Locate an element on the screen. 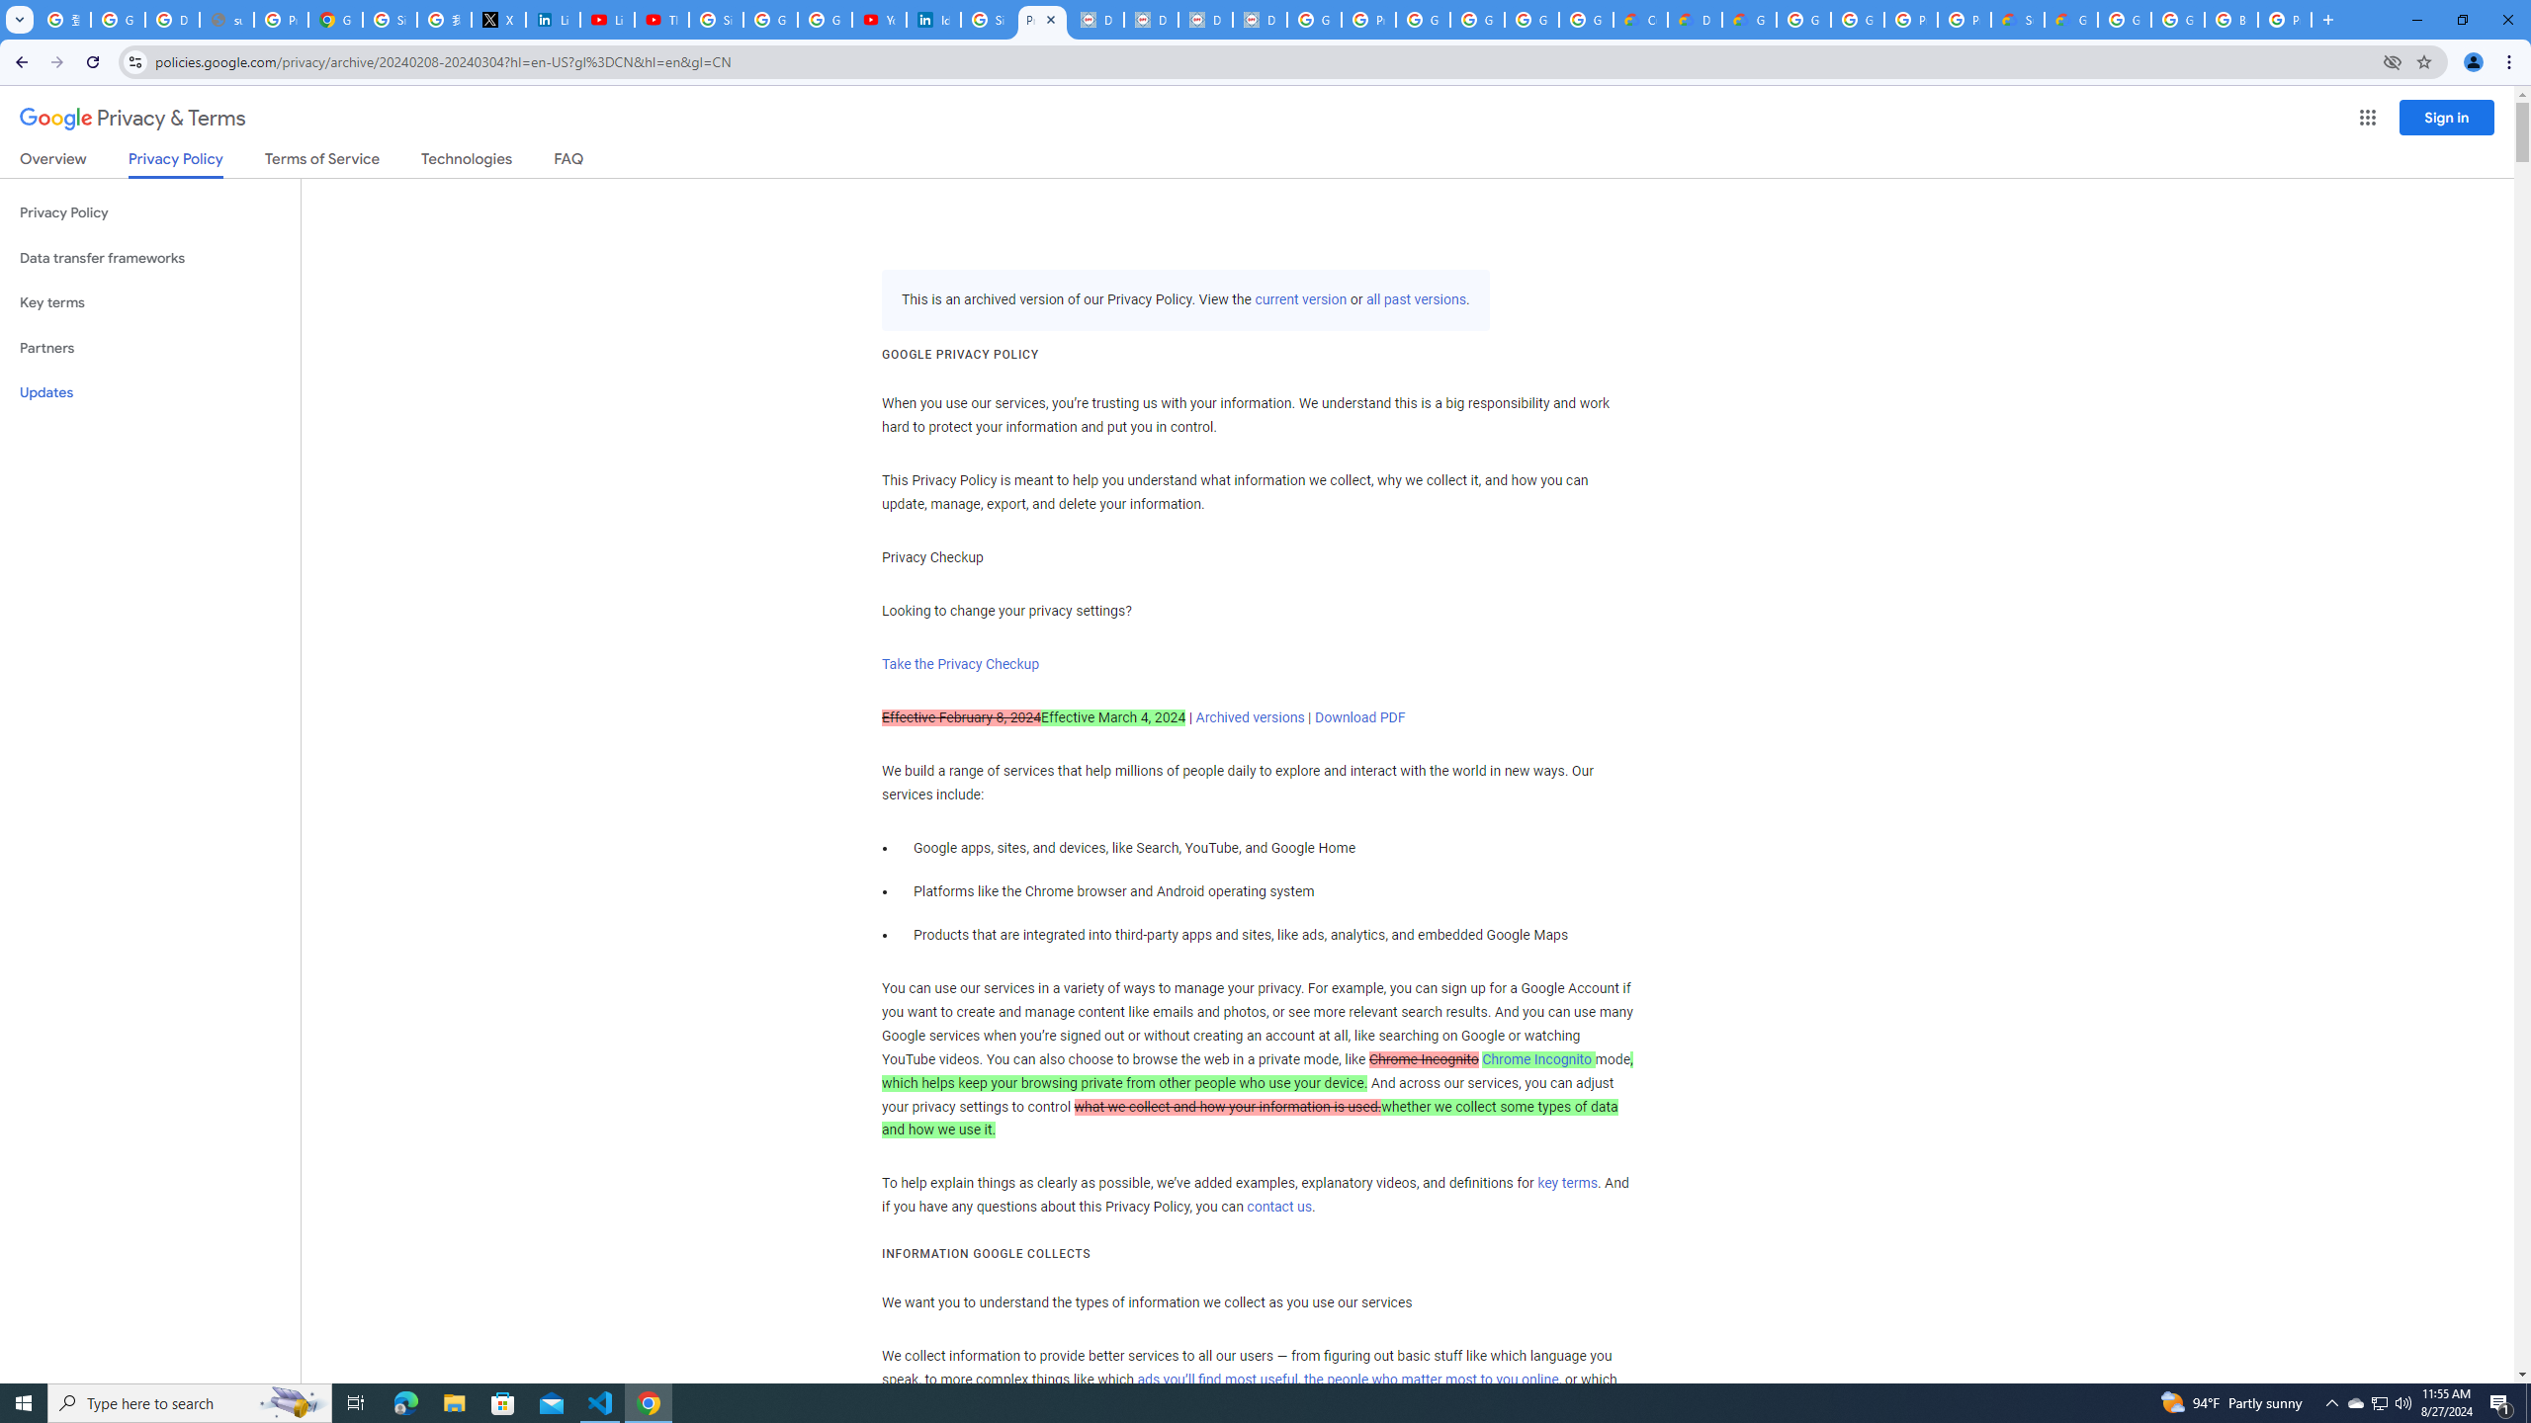 This screenshot has width=2531, height=1423. 'Take the Privacy Checkup' is located at coordinates (959, 662).